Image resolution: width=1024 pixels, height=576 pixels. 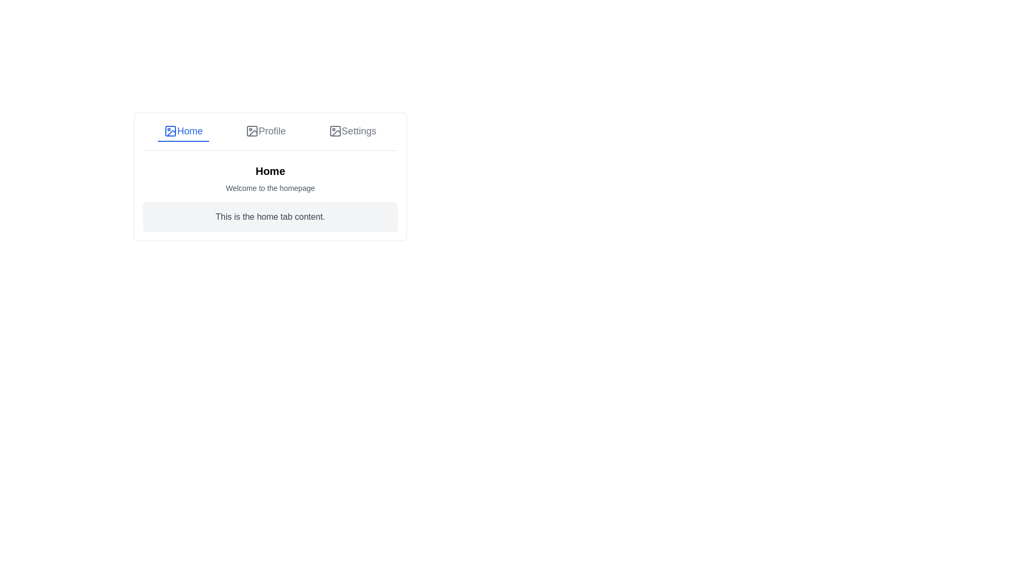 I want to click on the 'Home' icon located at the leftmost side of the navigation bar, so click(x=171, y=131).